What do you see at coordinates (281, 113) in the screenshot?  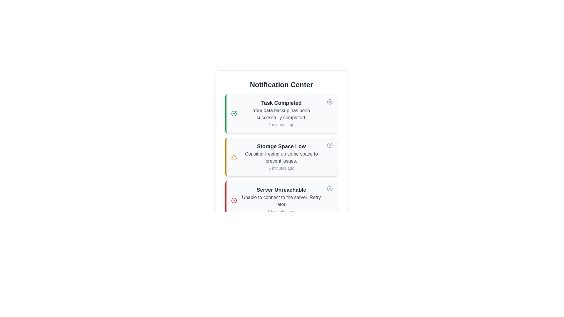 I see `the first notification card in the notification center, which indicates the successful completion of a data backup task, to access adjacent interactive elements` at bounding box center [281, 113].